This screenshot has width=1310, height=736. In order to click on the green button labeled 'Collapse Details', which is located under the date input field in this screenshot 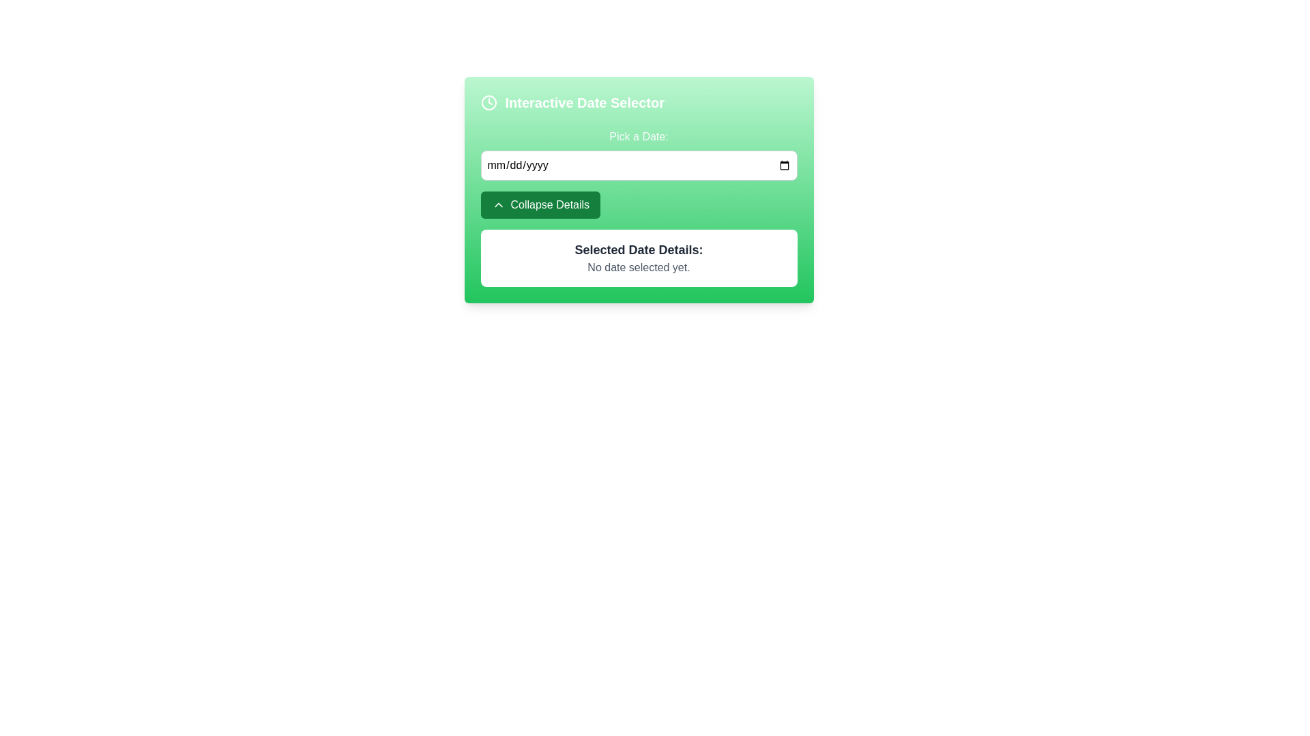, I will do `click(497, 204)`.